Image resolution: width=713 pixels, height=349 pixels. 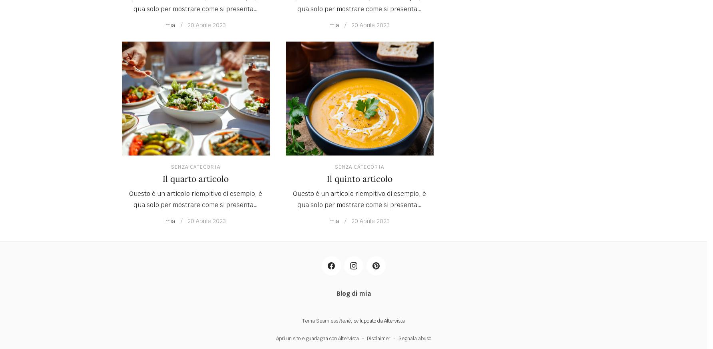 I want to click on 'Tema Seamless', so click(x=320, y=321).